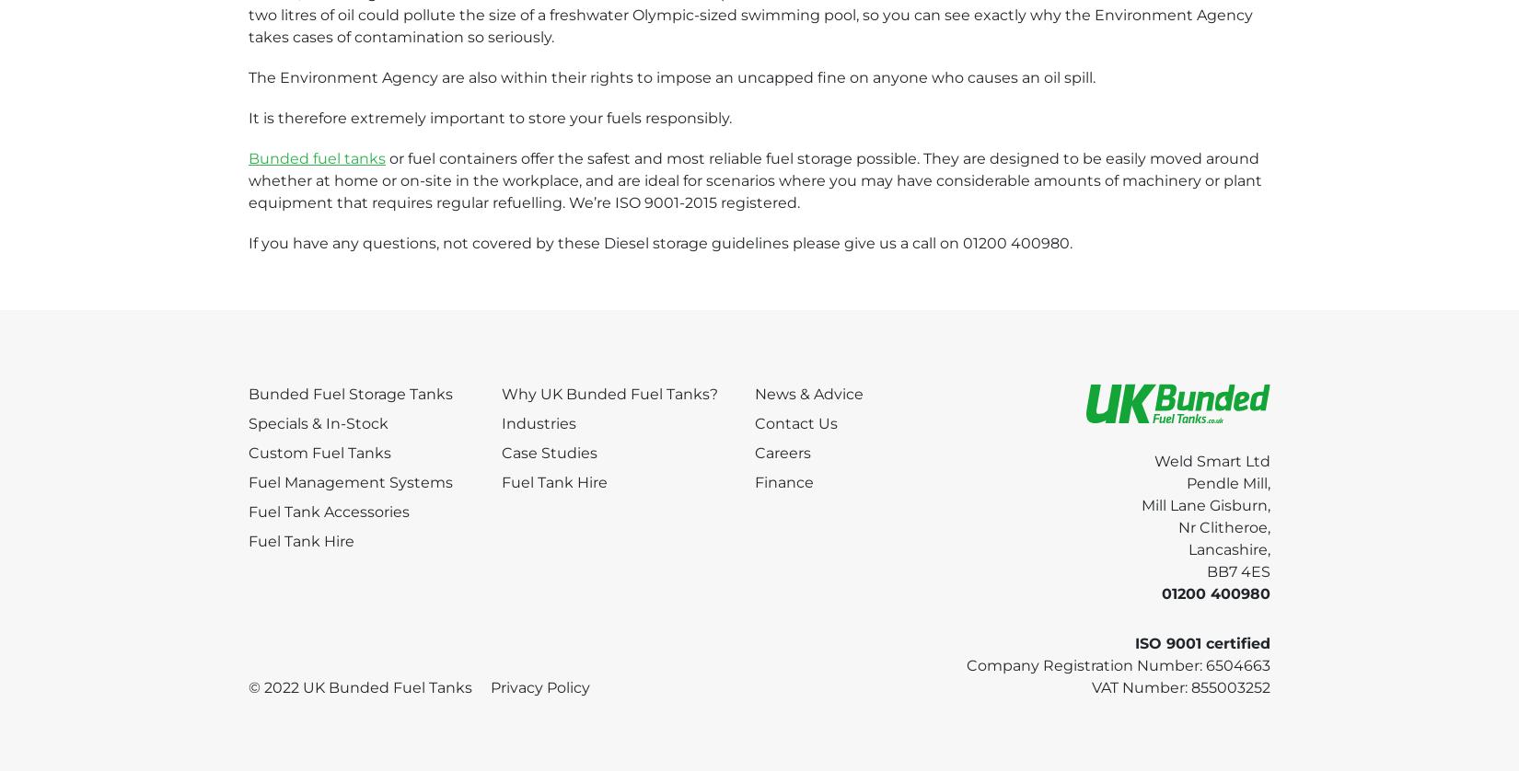 The image size is (1519, 771). Describe the element at coordinates (1119, 663) in the screenshot. I see `'Company Registration Number: 6504663'` at that location.